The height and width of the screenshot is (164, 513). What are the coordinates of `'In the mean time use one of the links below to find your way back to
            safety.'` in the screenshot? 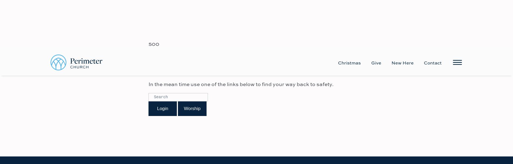 It's located at (241, 34).